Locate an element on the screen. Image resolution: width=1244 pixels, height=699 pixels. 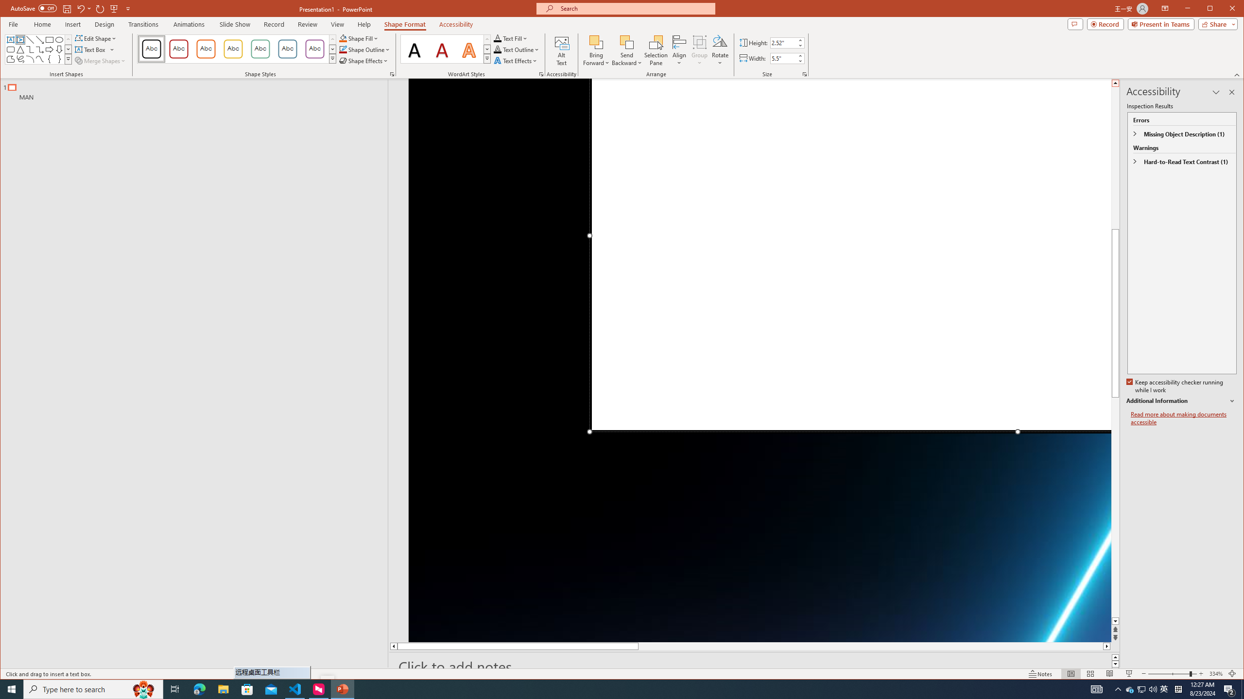
'Text Outline RGB(0, 0, 0)' is located at coordinates (497, 50).